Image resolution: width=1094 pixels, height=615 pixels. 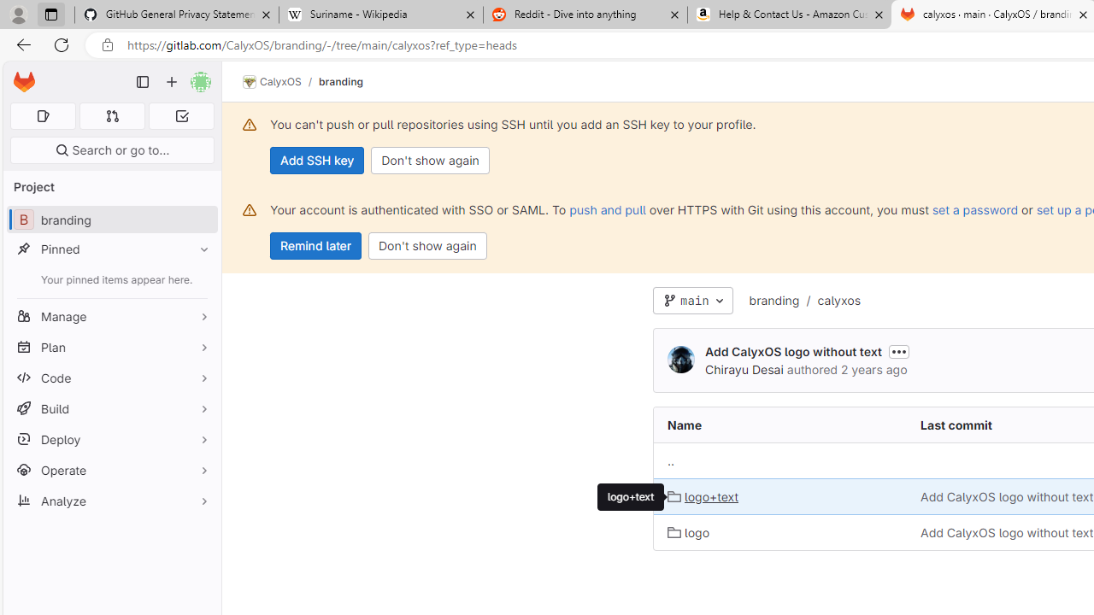 What do you see at coordinates (975, 208) in the screenshot?
I see `'set a password'` at bounding box center [975, 208].